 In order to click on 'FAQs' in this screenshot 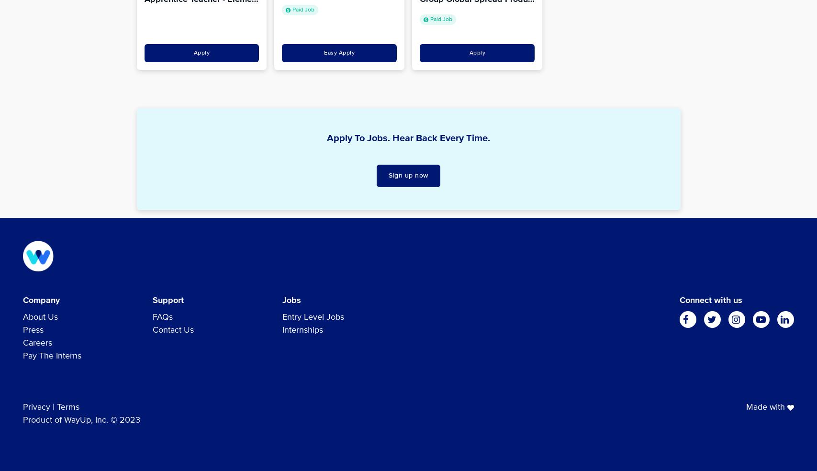, I will do `click(163, 317)`.